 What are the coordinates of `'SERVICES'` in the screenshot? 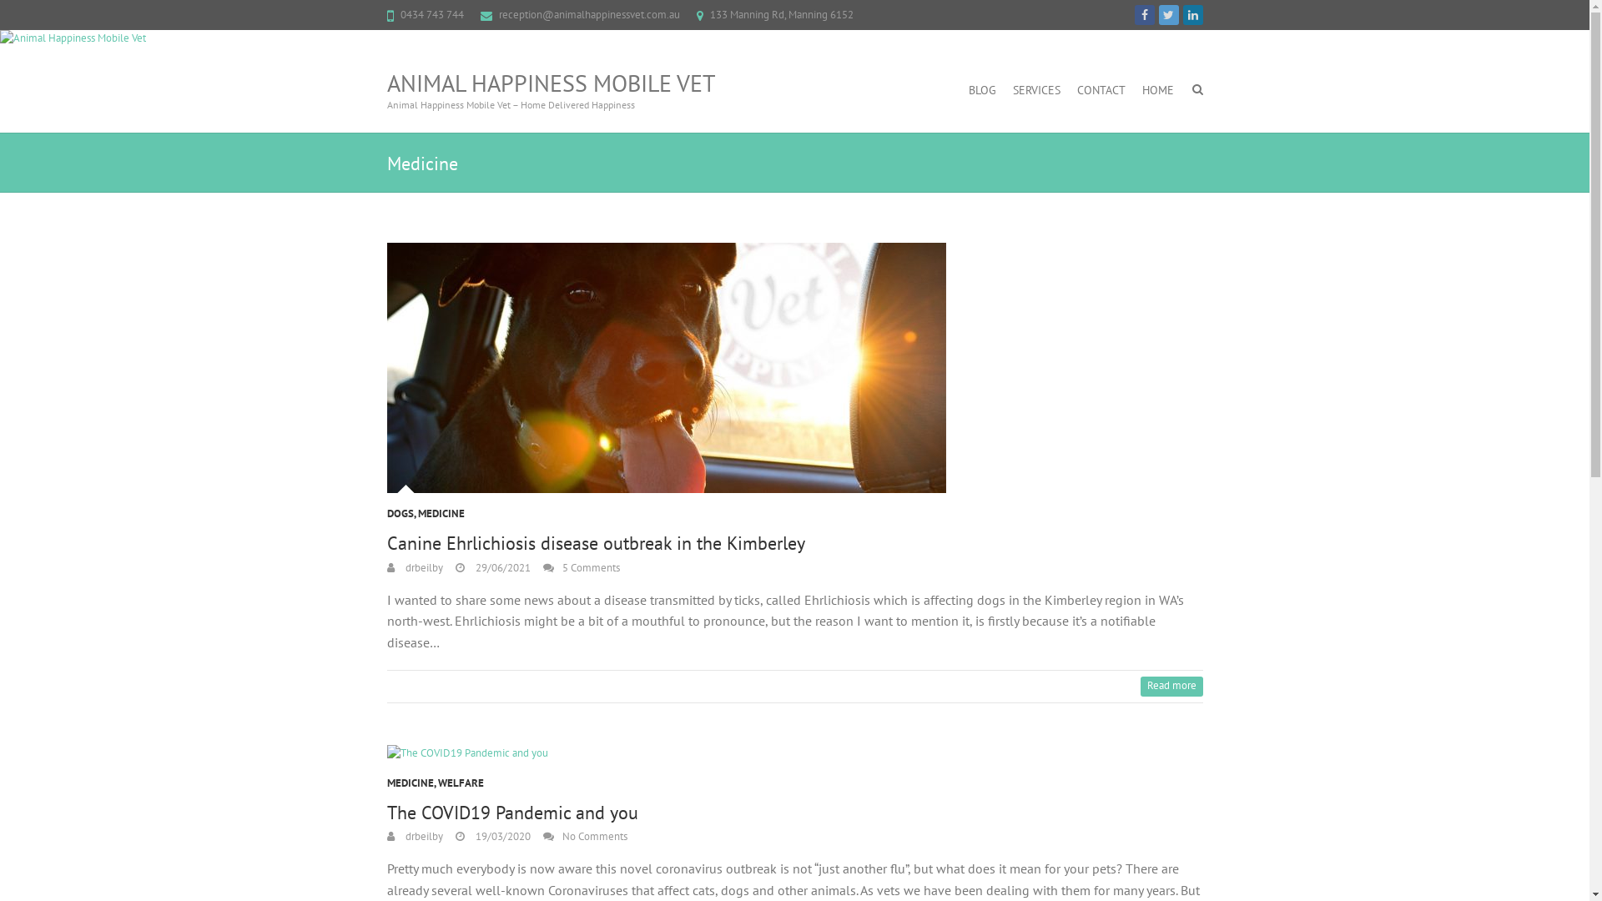 It's located at (1035, 90).